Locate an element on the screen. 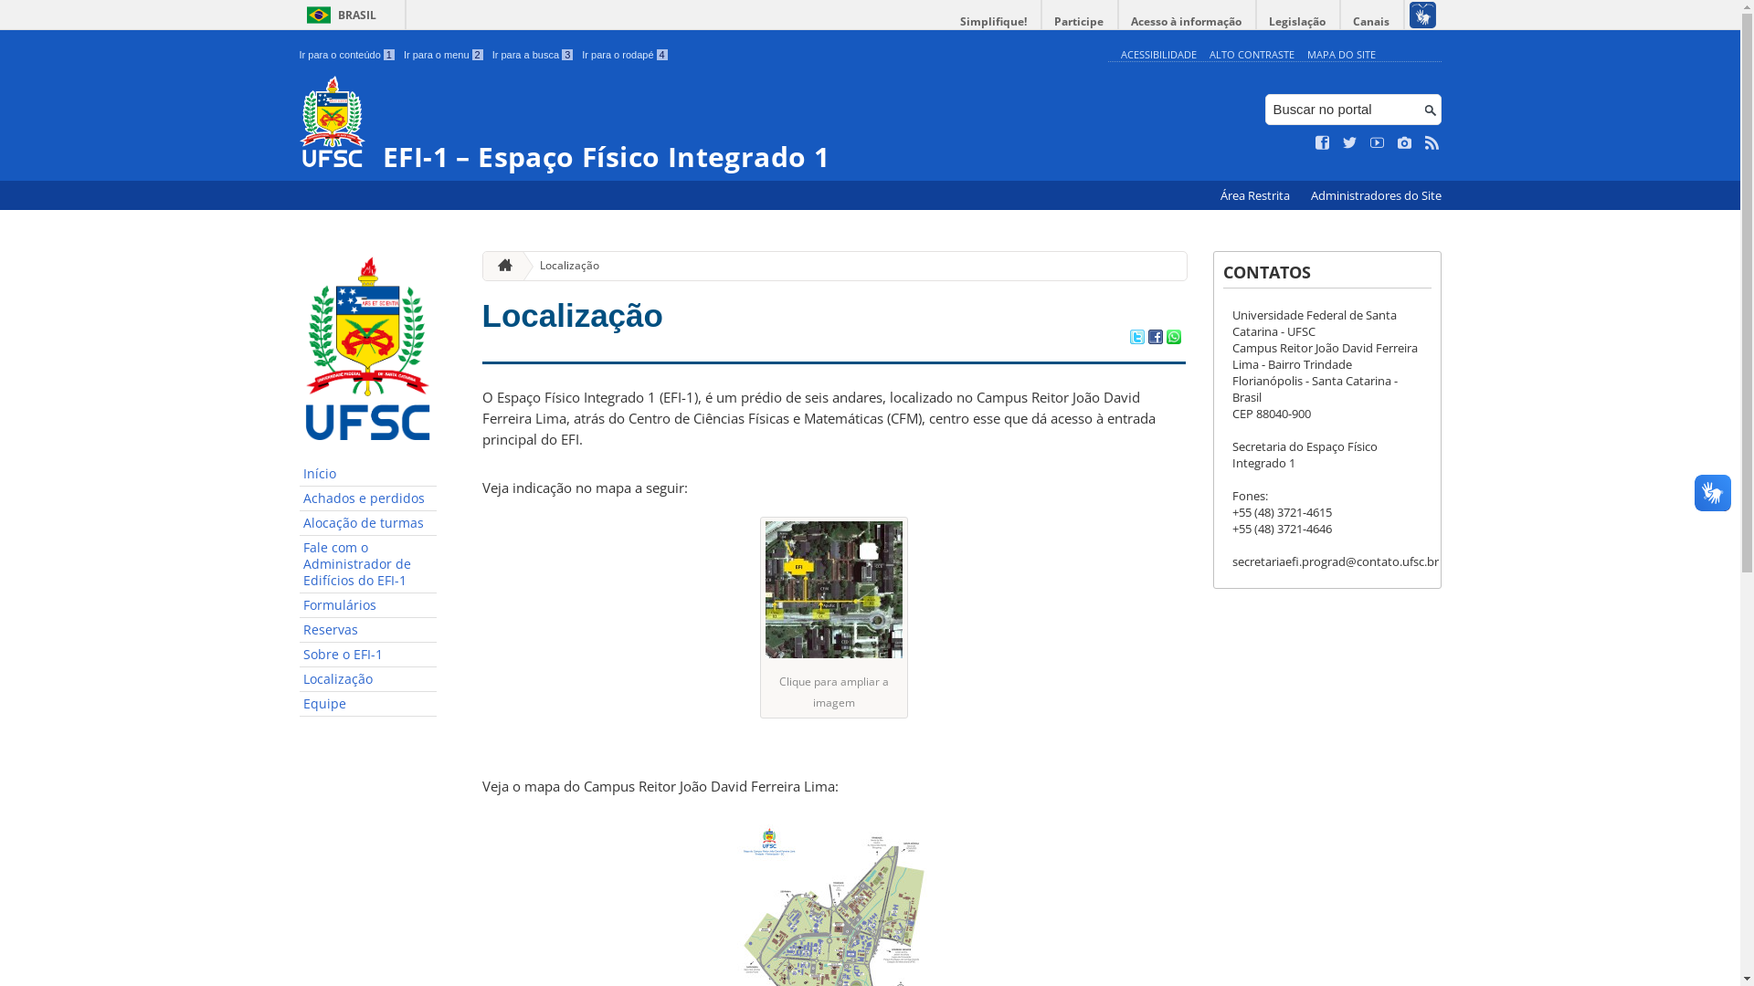  'Administradores do Site' is located at coordinates (1375, 195).